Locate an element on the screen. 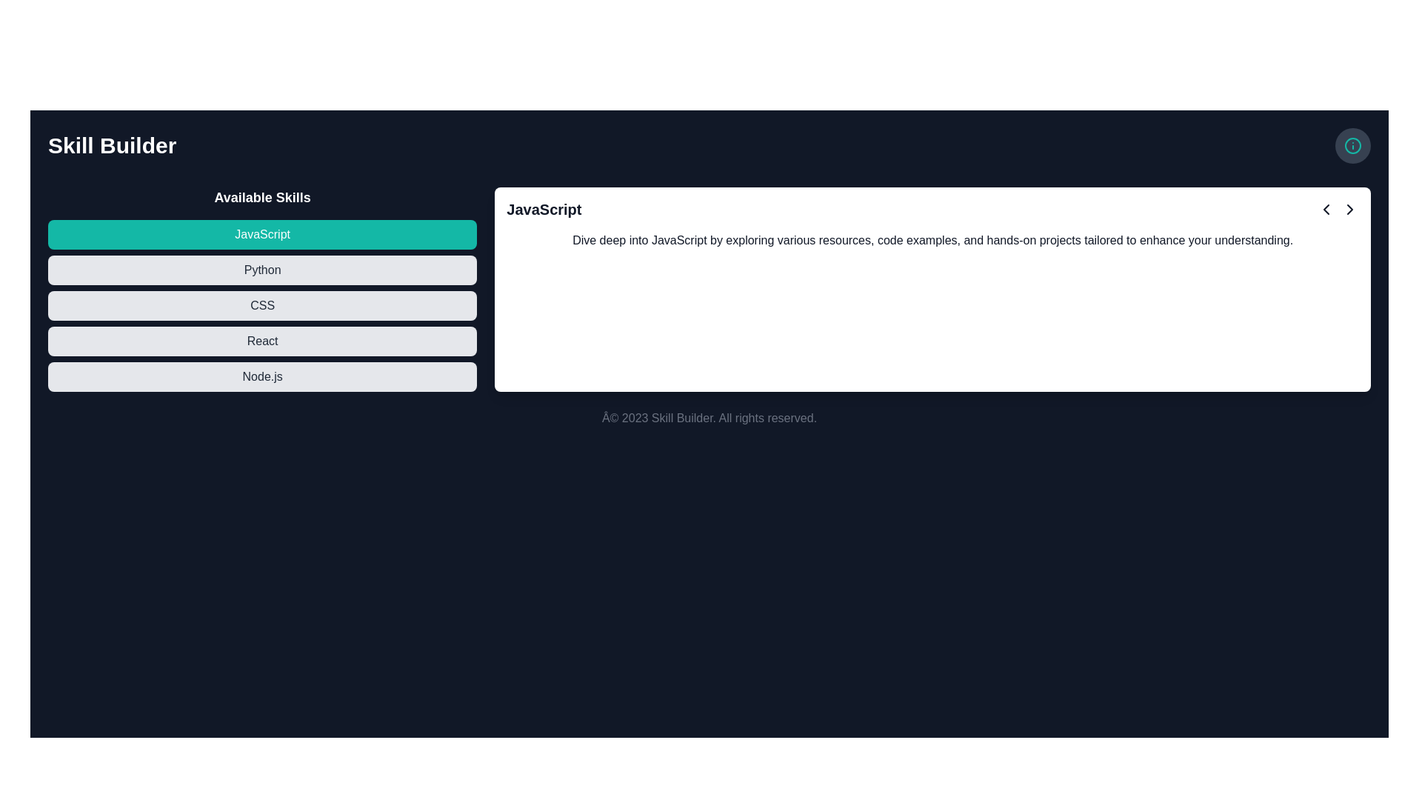 This screenshot has height=800, width=1422. the informational button featuring an icon located at the top-right corner of the interface, next to the title text 'Skill Builder' is located at coordinates (1353, 145).